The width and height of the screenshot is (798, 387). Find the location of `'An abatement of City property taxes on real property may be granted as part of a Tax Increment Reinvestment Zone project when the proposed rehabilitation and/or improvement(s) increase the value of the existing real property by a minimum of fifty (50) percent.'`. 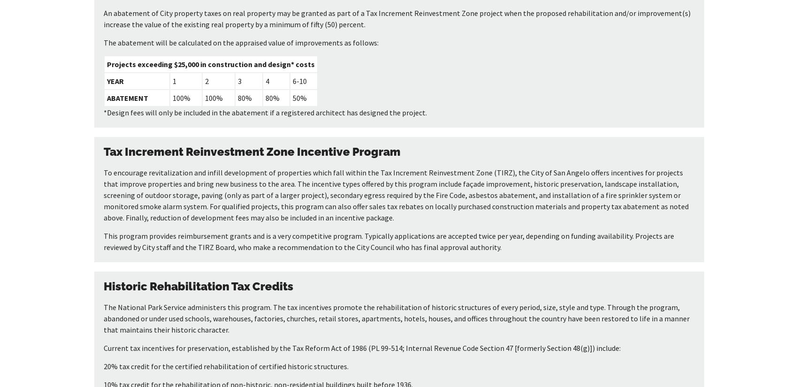

'An abatement of City property taxes on real property may be granted as part of a Tax Increment Reinvestment Zone project when the proposed rehabilitation and/or improvement(s) increase the value of the existing real property by a minimum of fifty (50) percent.' is located at coordinates (396, 19).